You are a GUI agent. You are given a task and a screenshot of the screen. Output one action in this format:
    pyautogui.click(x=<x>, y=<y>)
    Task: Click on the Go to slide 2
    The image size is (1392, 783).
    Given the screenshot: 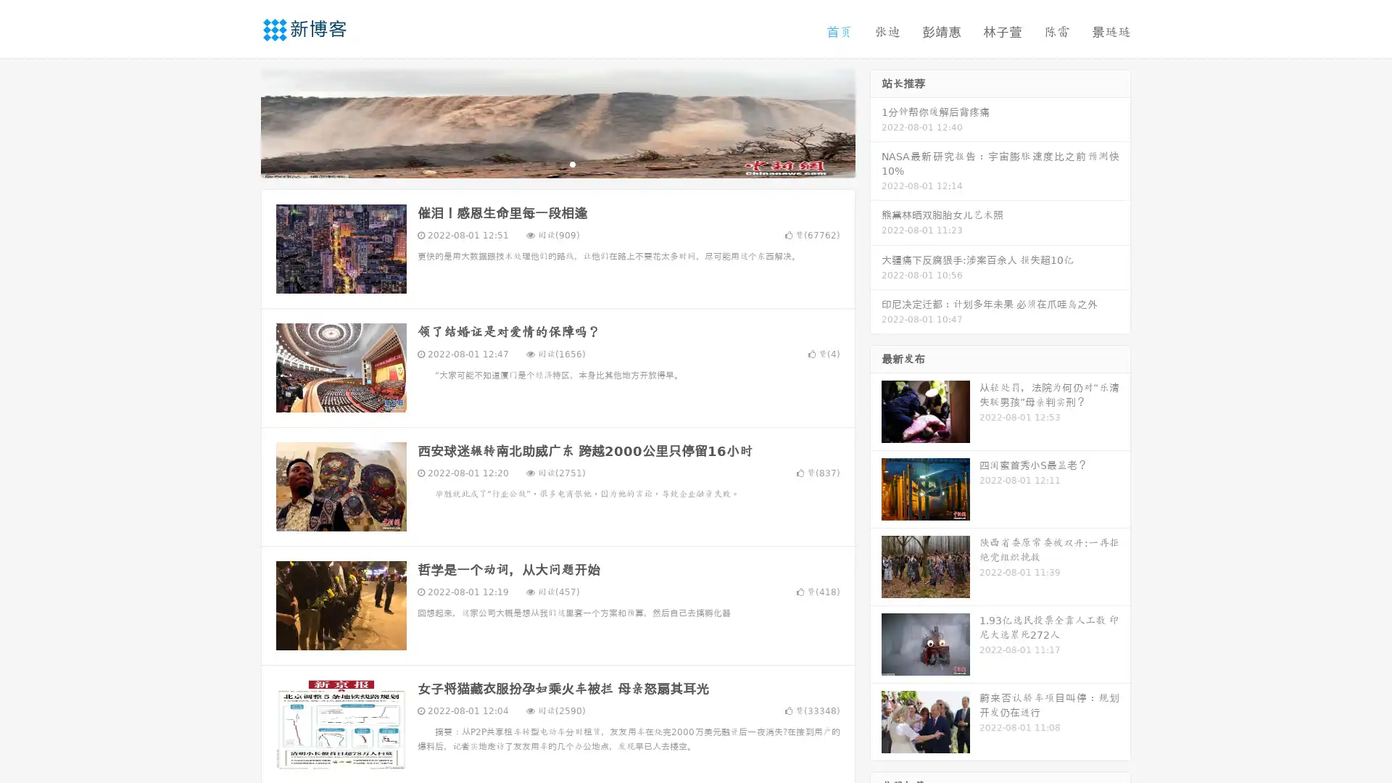 What is the action you would take?
    pyautogui.click(x=557, y=163)
    